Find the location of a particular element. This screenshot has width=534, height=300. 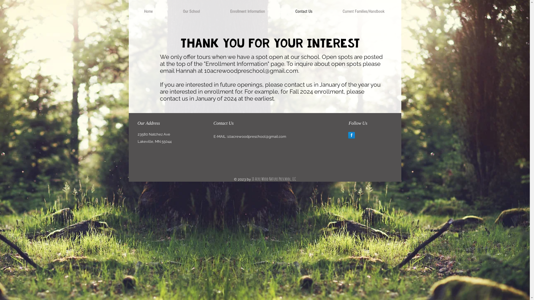

'Current Families/Handbook' is located at coordinates (327, 11).